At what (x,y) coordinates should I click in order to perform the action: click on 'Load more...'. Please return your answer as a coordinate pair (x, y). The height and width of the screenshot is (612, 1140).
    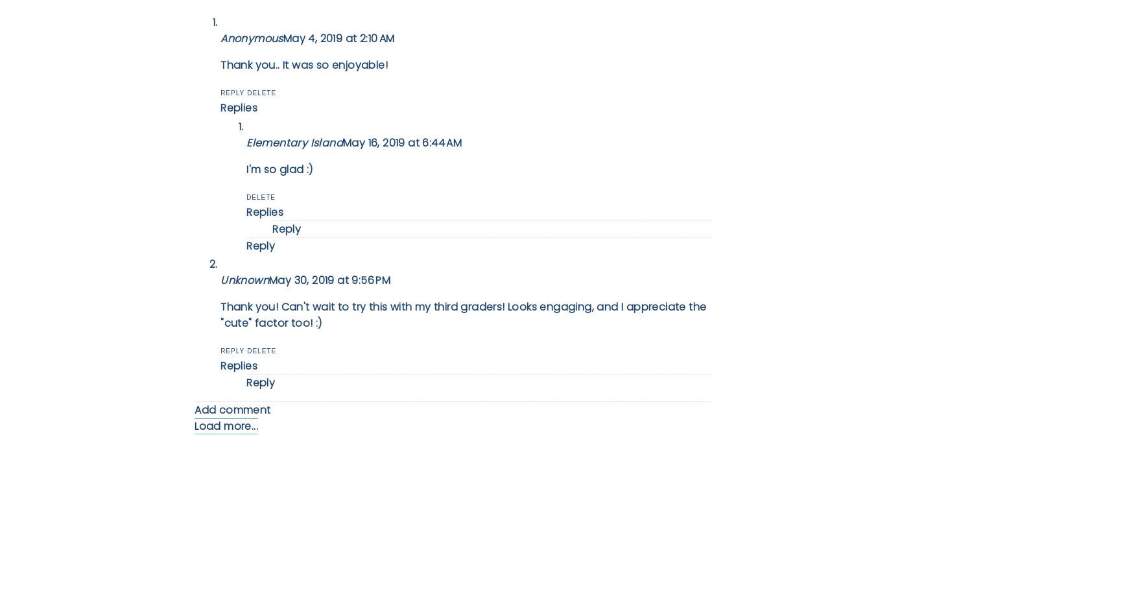
    Looking at the image, I should click on (194, 425).